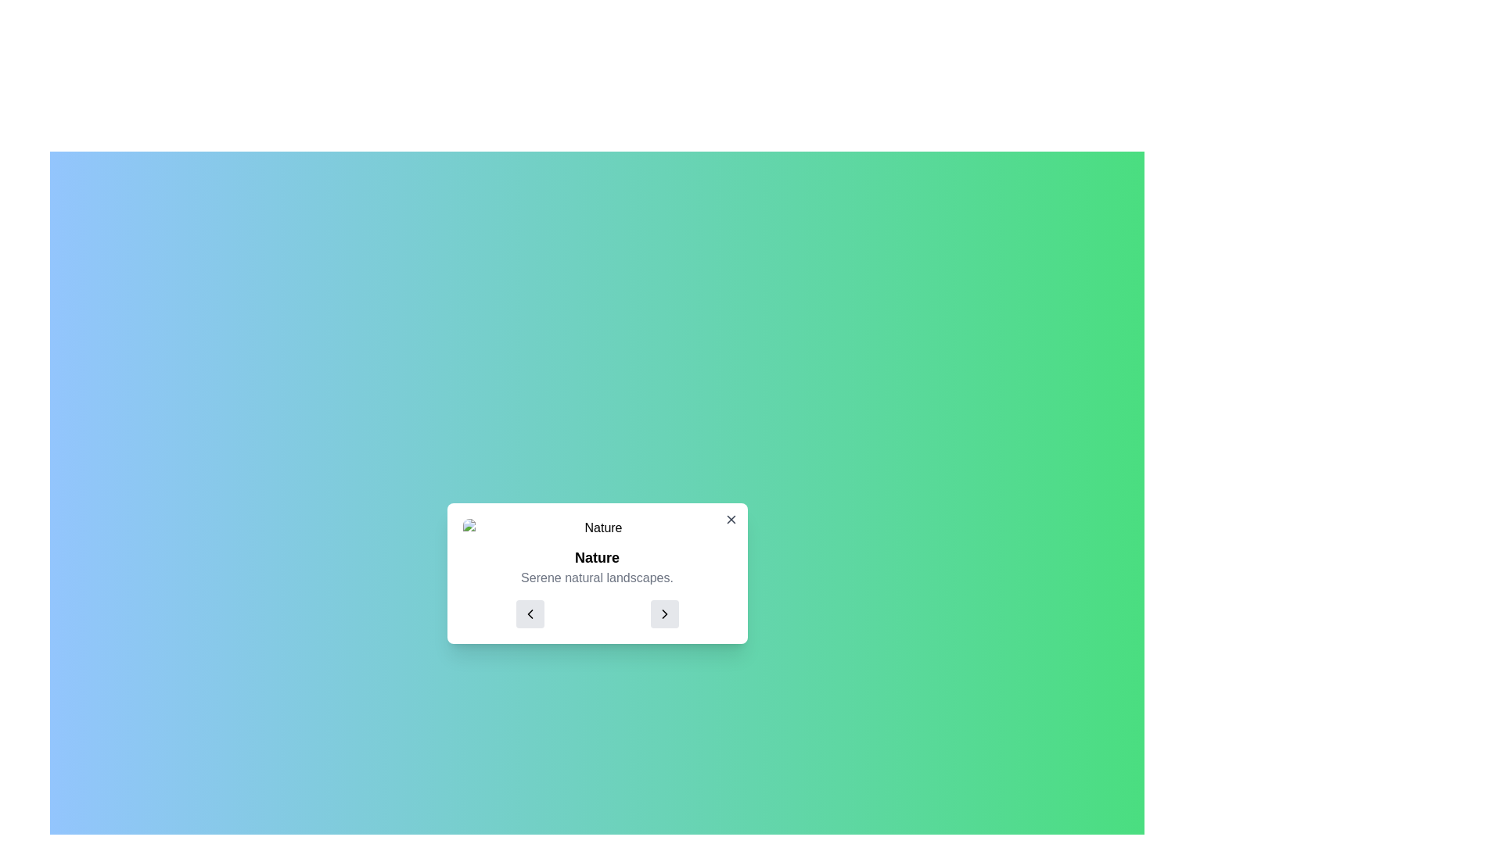  I want to click on the bold text label displaying the word 'Nature', which is centrally located within the modal and styled prominently, so click(596, 556).